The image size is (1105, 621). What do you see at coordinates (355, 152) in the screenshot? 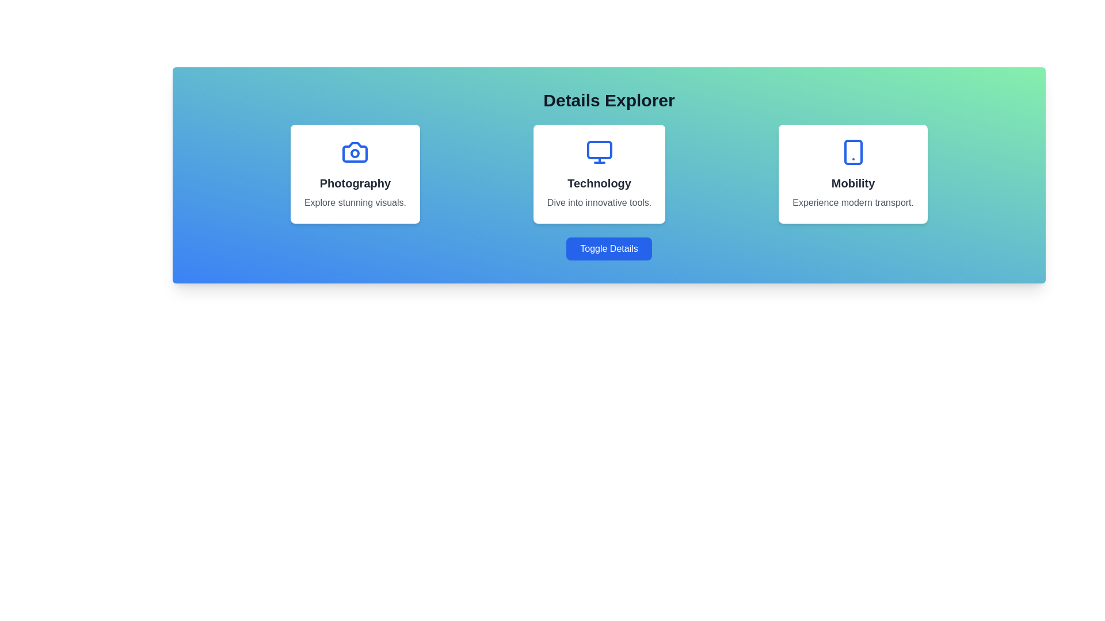
I see `the blue camera SVG icon with a circular lens, located at the center of the leftmost column above the 'Photography' label` at bounding box center [355, 152].